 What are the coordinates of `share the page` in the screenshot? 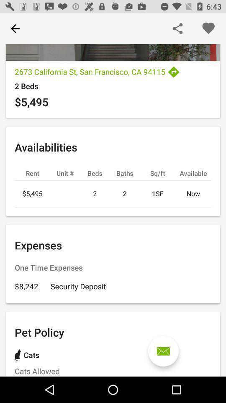 It's located at (177, 29).